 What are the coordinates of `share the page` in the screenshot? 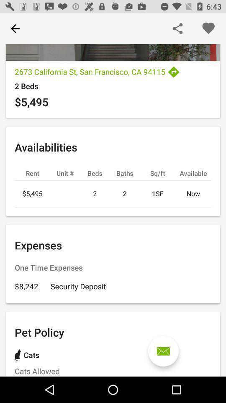 It's located at (177, 29).